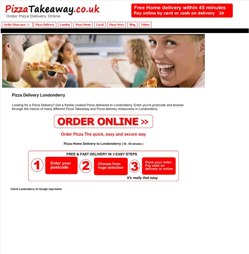  I want to click on 'Pizza News', so click(109, 24).